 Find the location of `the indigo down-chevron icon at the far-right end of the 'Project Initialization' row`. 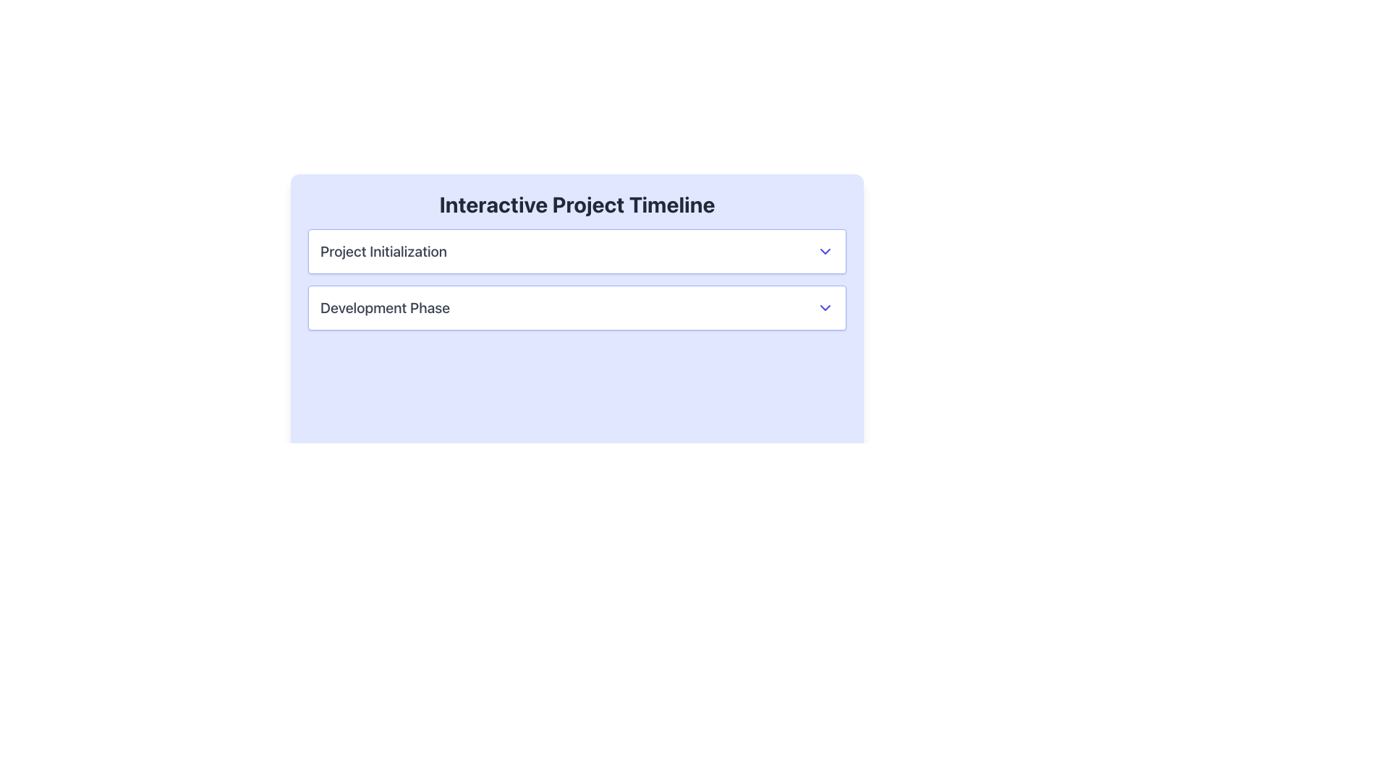

the indigo down-chevron icon at the far-right end of the 'Project Initialization' row is located at coordinates (825, 250).